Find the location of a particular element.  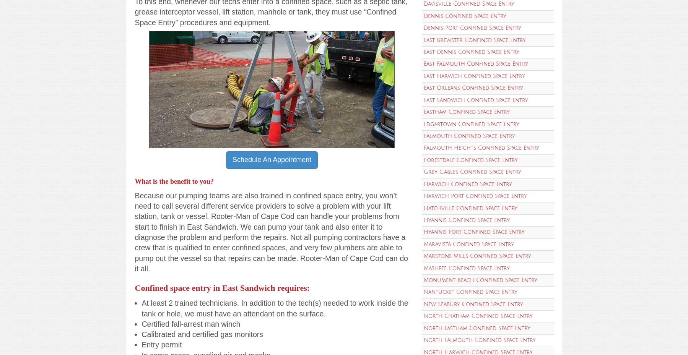

'North Eastham Confined Space Entry' is located at coordinates (477, 328).